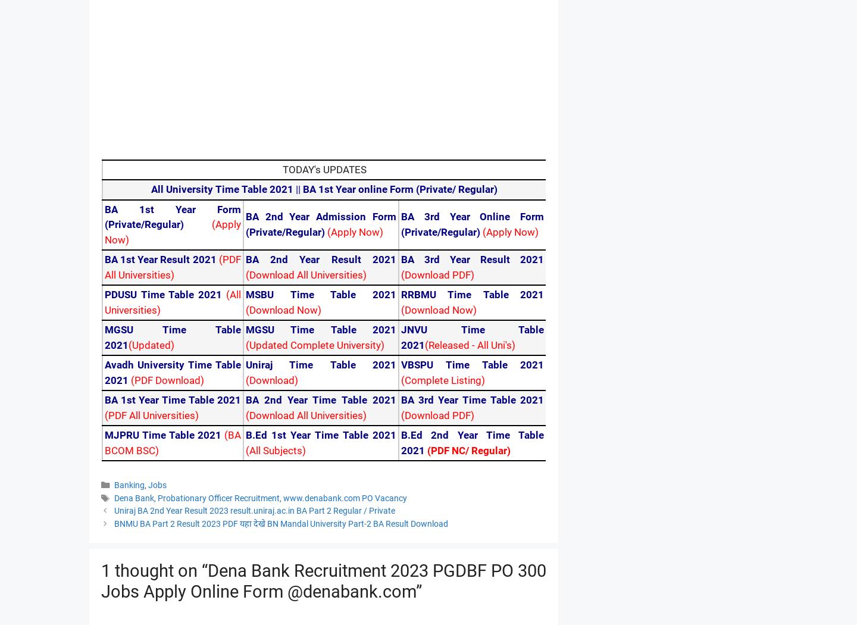 This screenshot has height=625, width=857. What do you see at coordinates (172, 442) in the screenshot?
I see `'(BA BCOM BSC)'` at bounding box center [172, 442].